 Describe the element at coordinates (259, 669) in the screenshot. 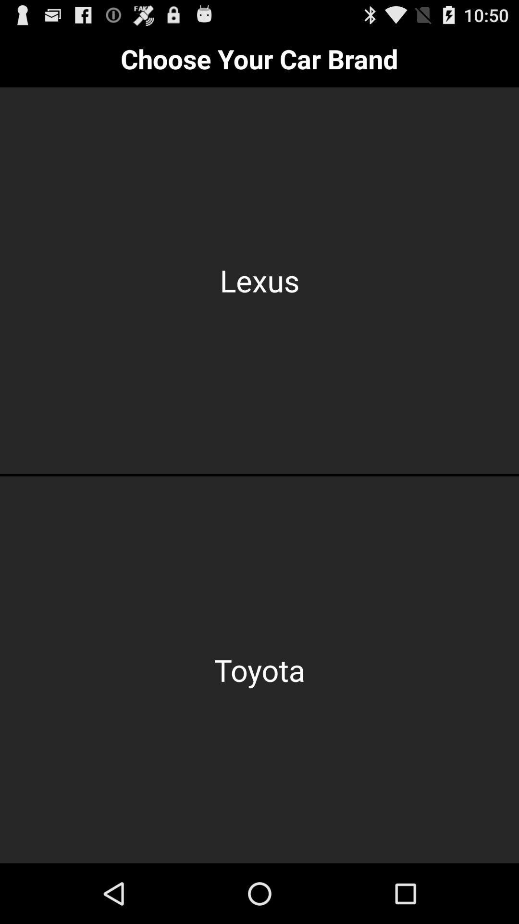

I see `the toyota icon` at that location.